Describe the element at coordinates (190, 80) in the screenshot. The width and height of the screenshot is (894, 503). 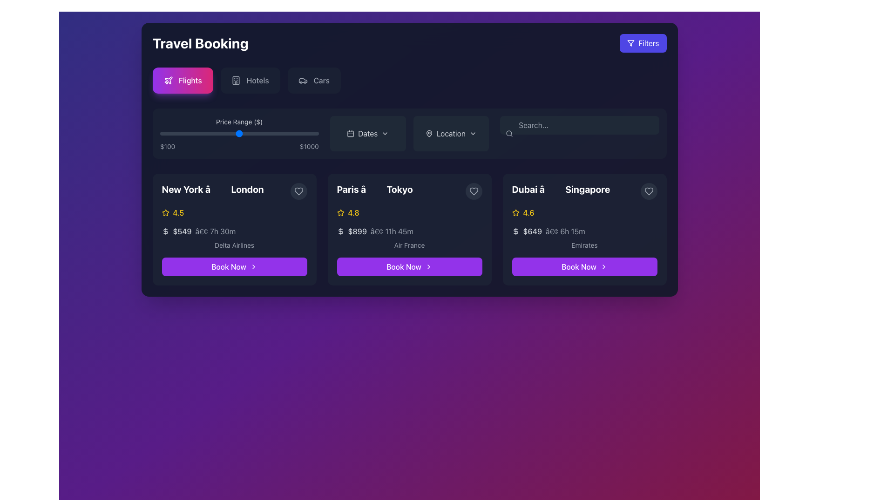
I see `the 'Flights' text element, which is part of a button with a gradient background and a plane icon, to emphasize it` at that location.